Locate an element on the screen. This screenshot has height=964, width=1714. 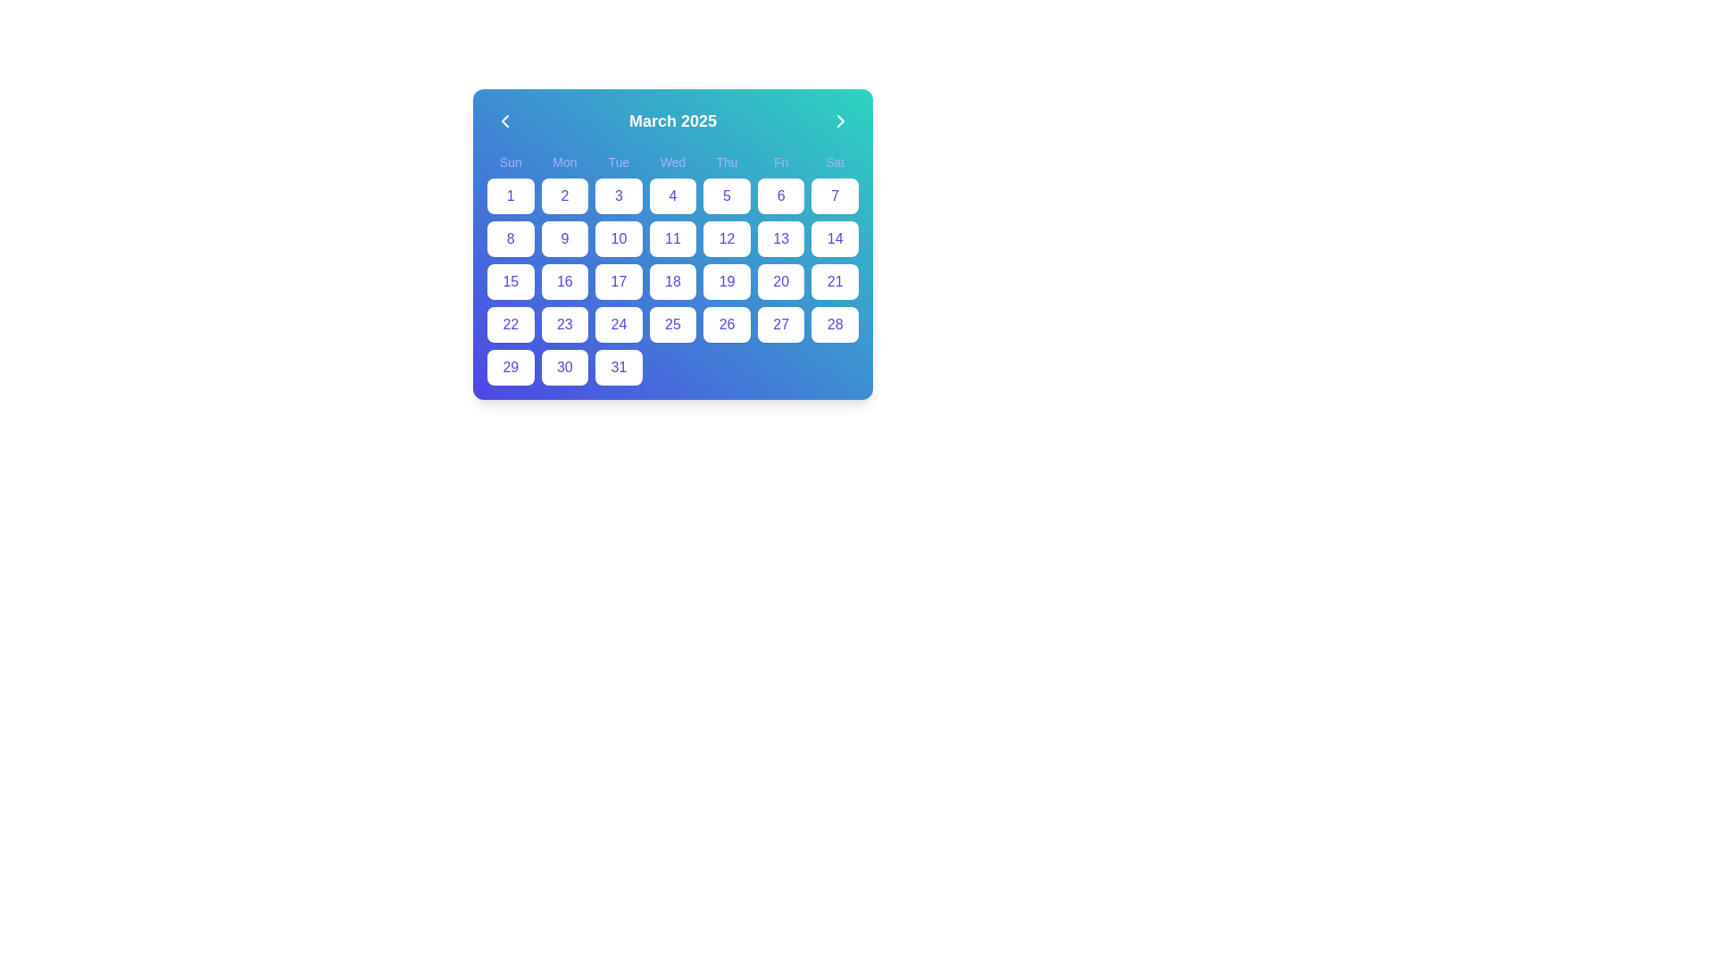
the navigation button located at the leftmost side of the calendar header to move to the previous month is located at coordinates (504, 120).